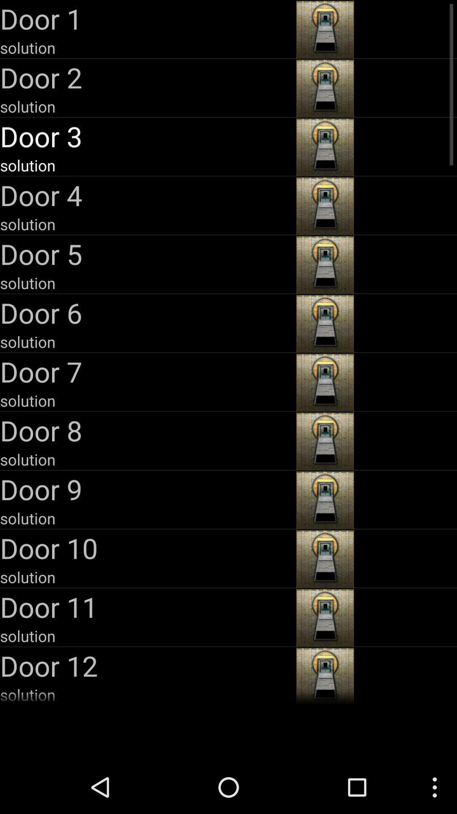 The height and width of the screenshot is (814, 457). Describe the element at coordinates (146, 253) in the screenshot. I see `the door 5 icon` at that location.